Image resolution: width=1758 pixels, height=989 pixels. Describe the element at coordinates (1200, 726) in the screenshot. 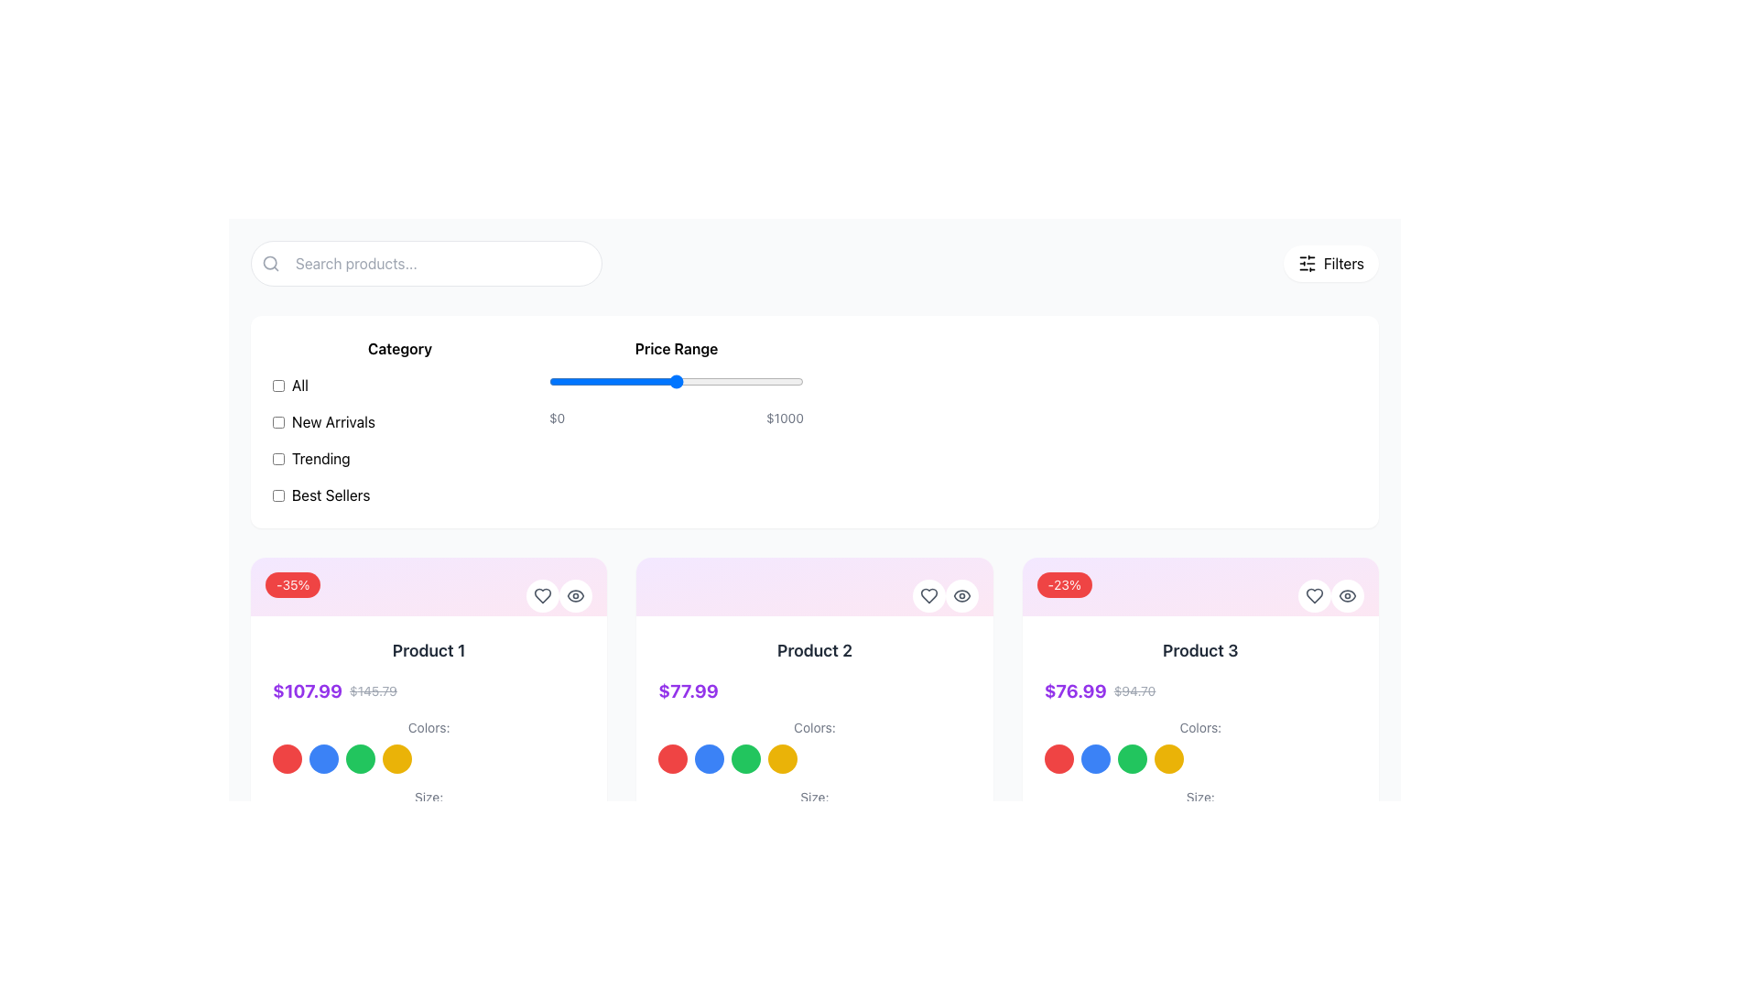

I see `the 'Colors:' label, which is styled with a small font size and gray color, located in the third product card's details section above the color options` at that location.